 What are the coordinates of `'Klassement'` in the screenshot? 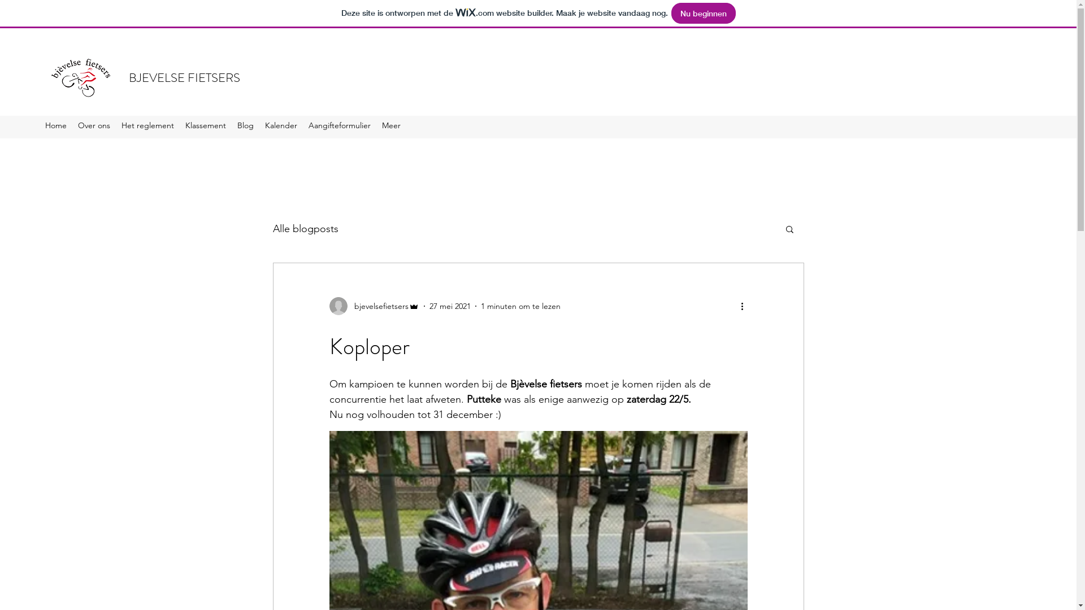 It's located at (206, 127).